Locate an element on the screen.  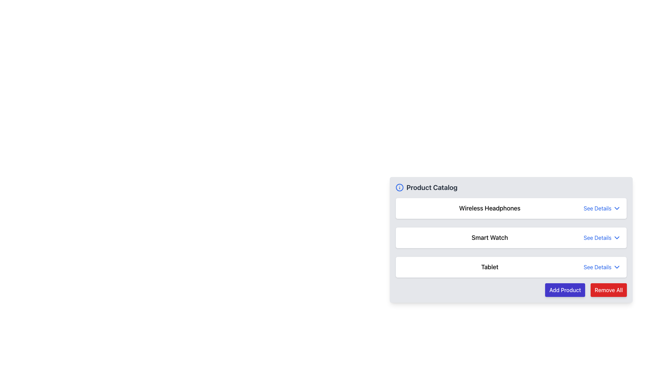
the Information Icon located to the left of the 'Product Catalog' title is located at coordinates (399, 187).